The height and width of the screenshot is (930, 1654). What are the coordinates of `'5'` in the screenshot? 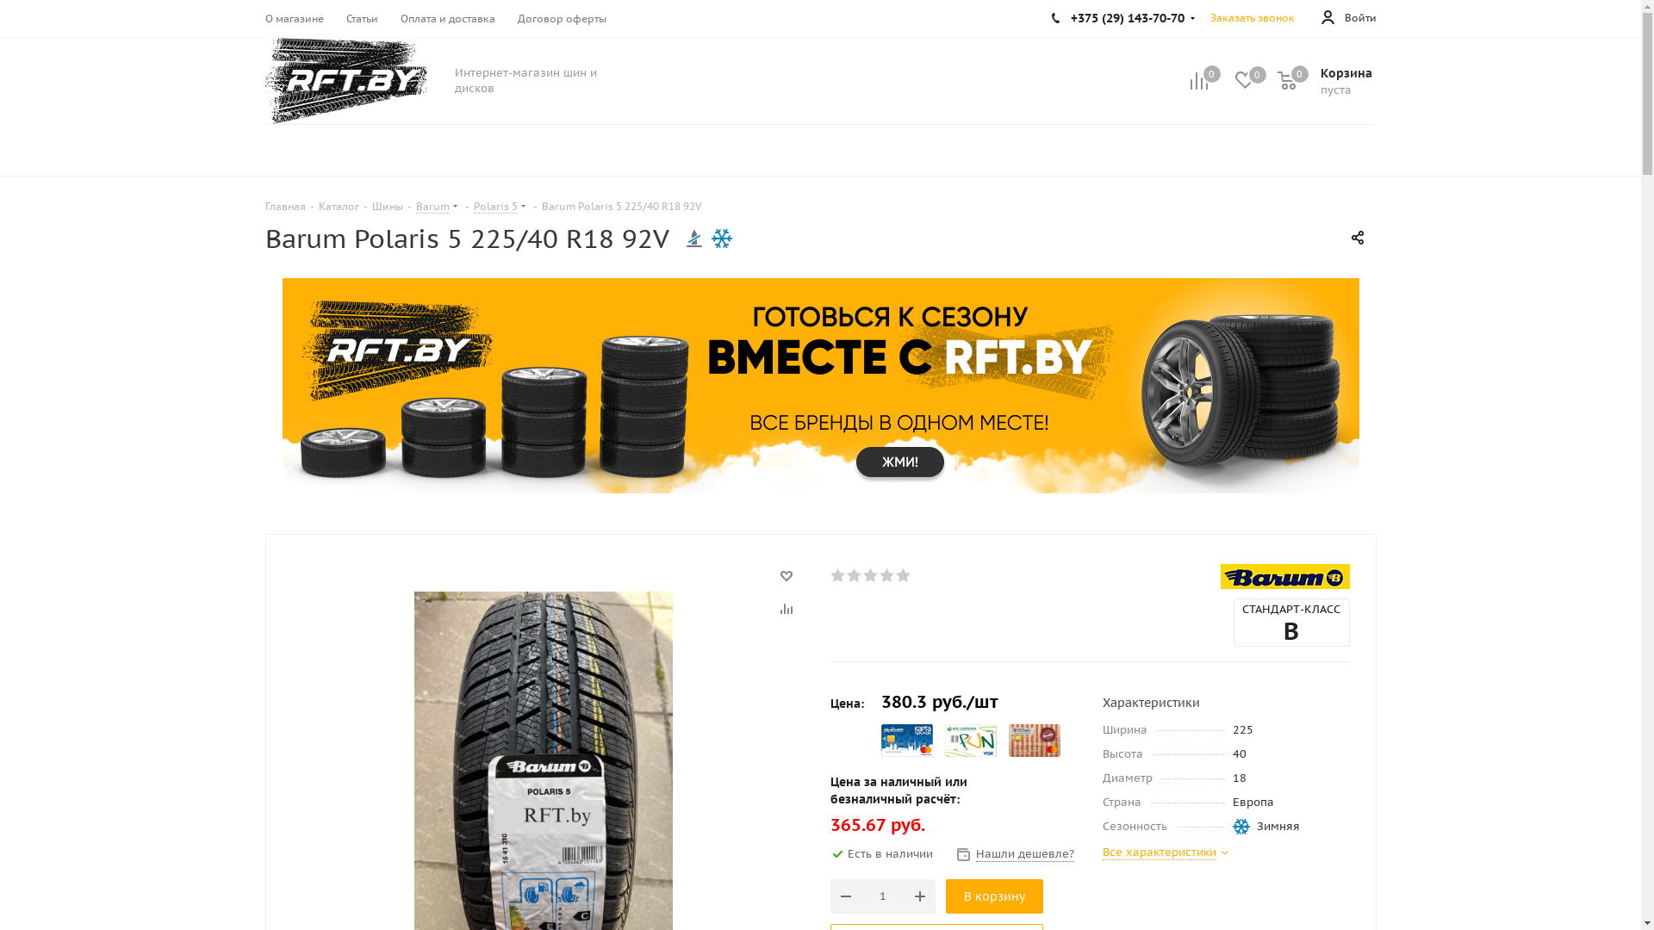 It's located at (903, 574).